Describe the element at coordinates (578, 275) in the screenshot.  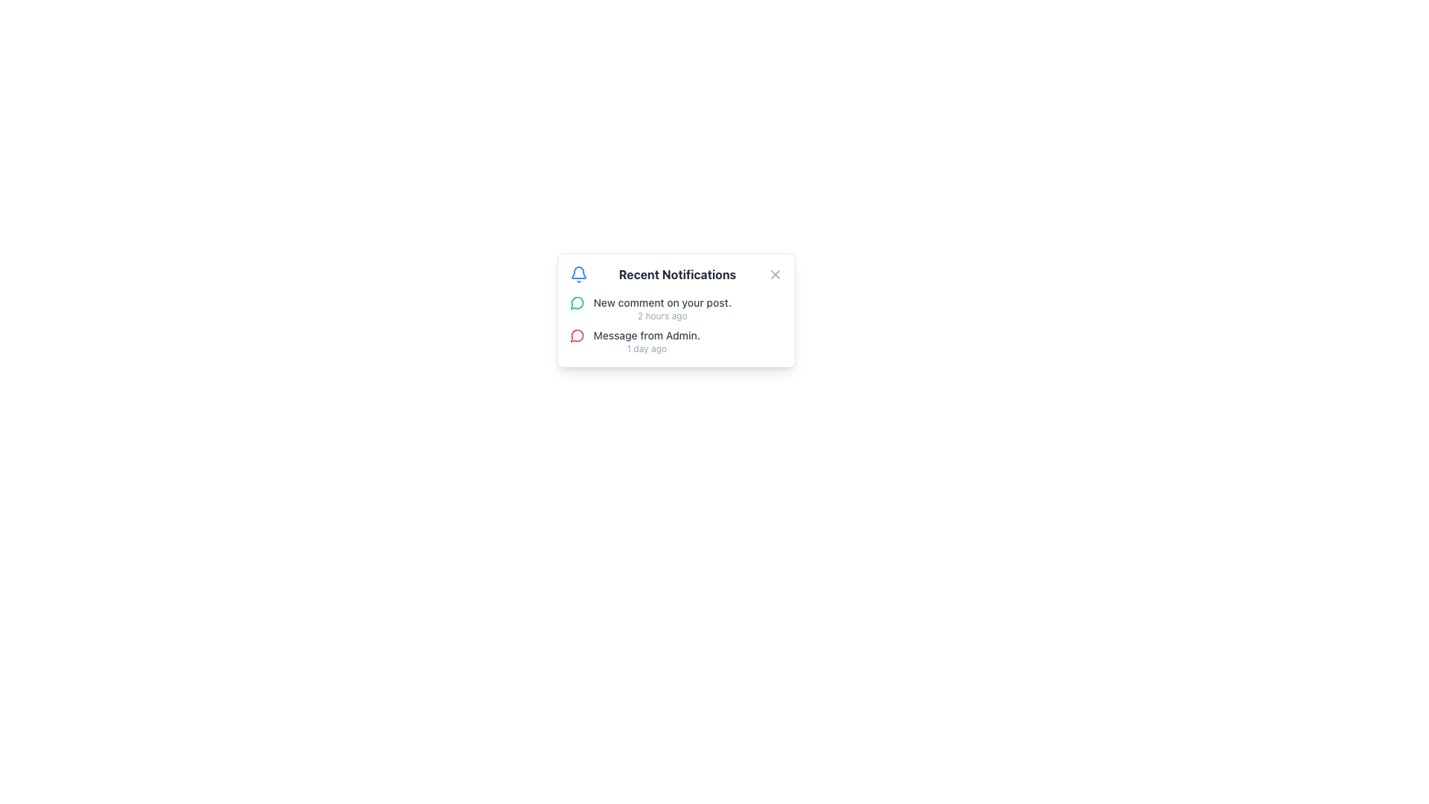
I see `the notification icon located to the left of the title text 'Recent Notifications', which serves as an indicator for recent notifications` at that location.